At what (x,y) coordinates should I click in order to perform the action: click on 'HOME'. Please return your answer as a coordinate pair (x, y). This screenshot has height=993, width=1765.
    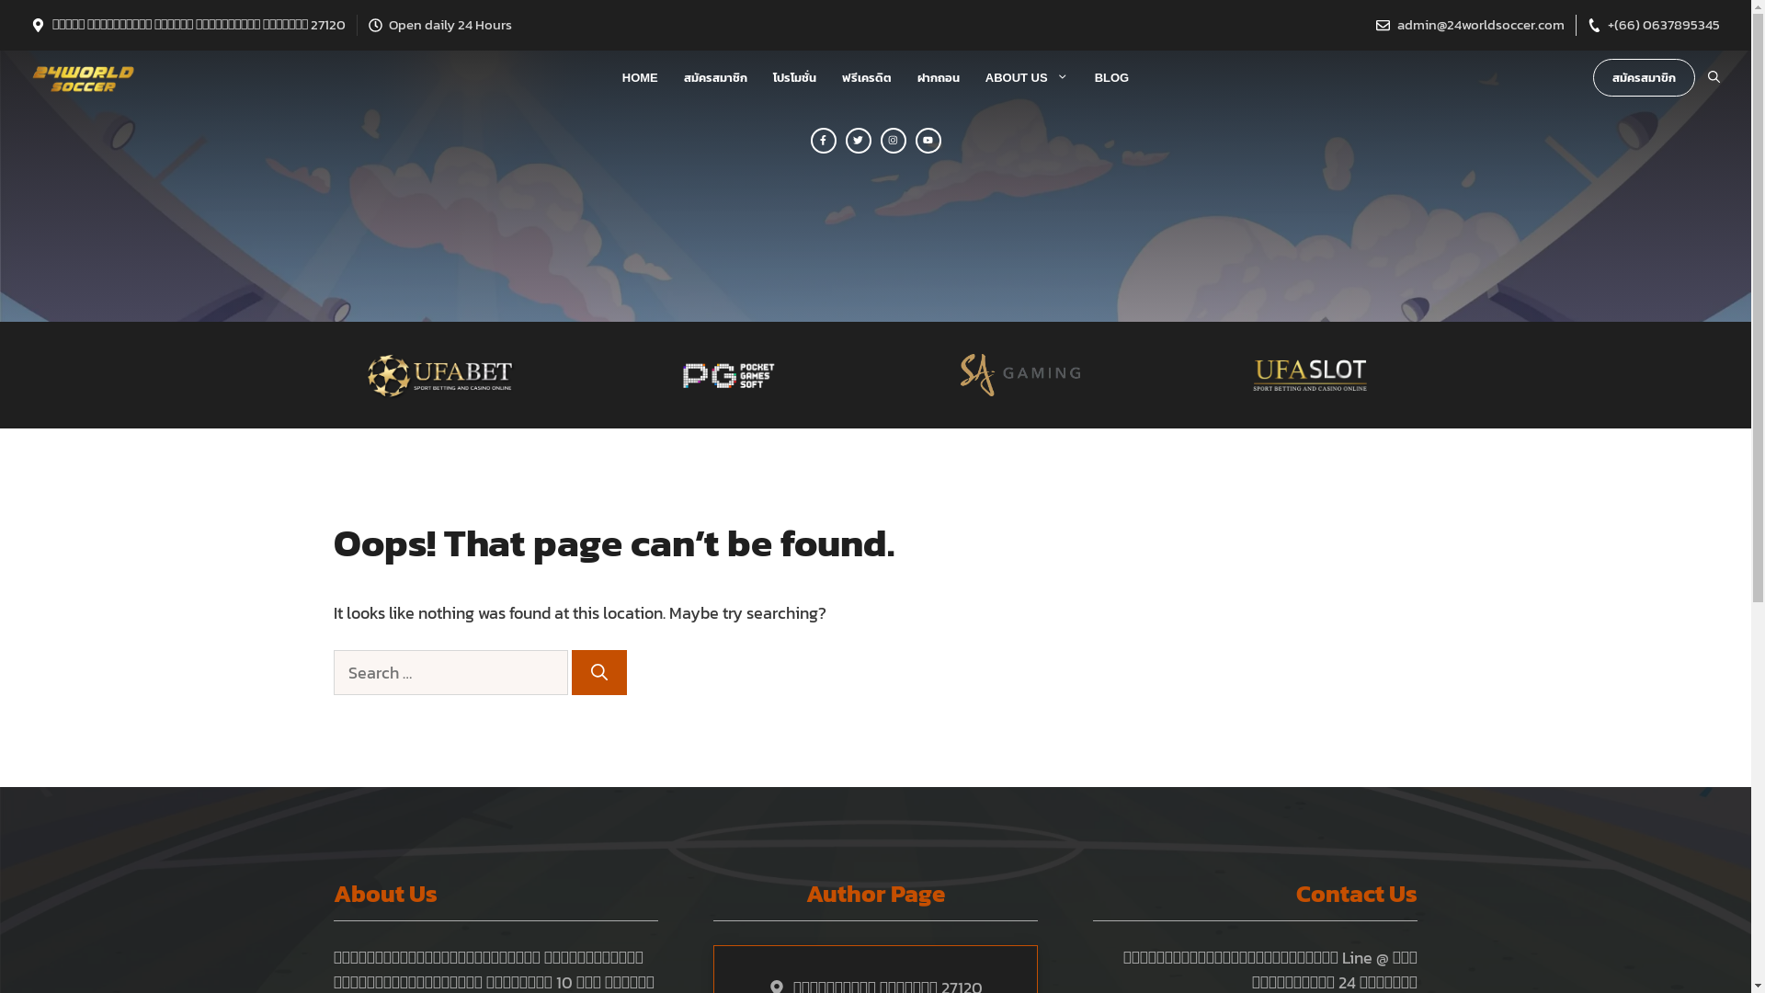
    Looking at the image, I should click on (640, 76).